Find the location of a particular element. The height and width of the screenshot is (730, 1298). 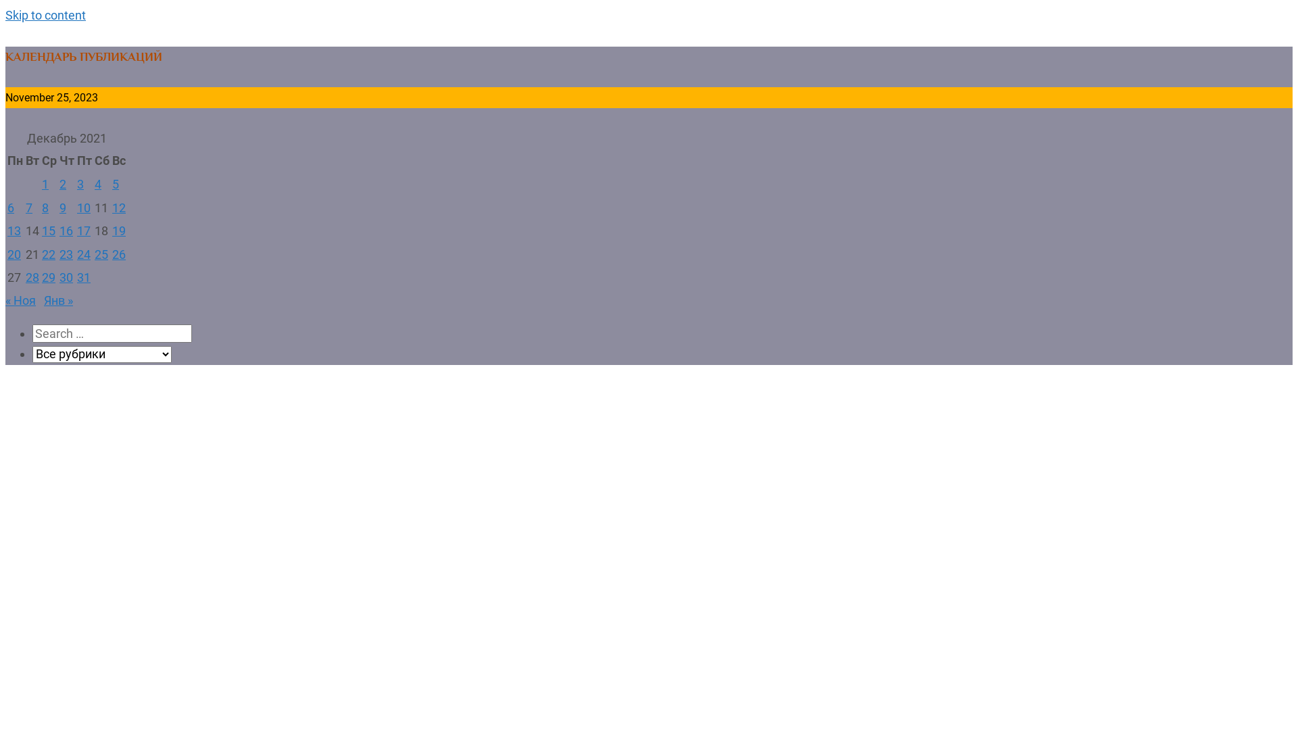

'25' is located at coordinates (93, 254).